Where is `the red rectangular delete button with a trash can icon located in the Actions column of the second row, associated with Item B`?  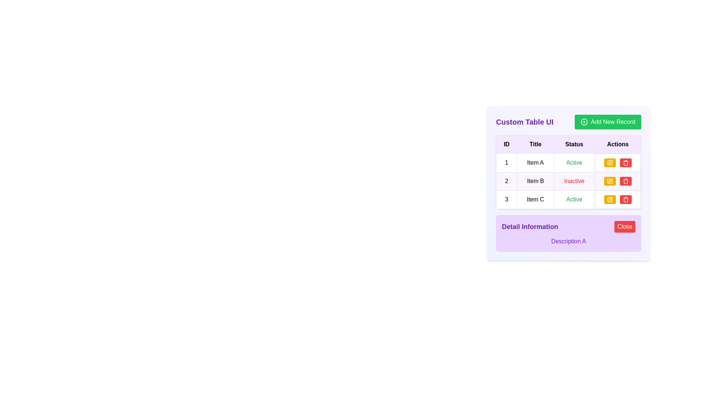 the red rectangular delete button with a trash can icon located in the Actions column of the second row, associated with Item B is located at coordinates (625, 181).